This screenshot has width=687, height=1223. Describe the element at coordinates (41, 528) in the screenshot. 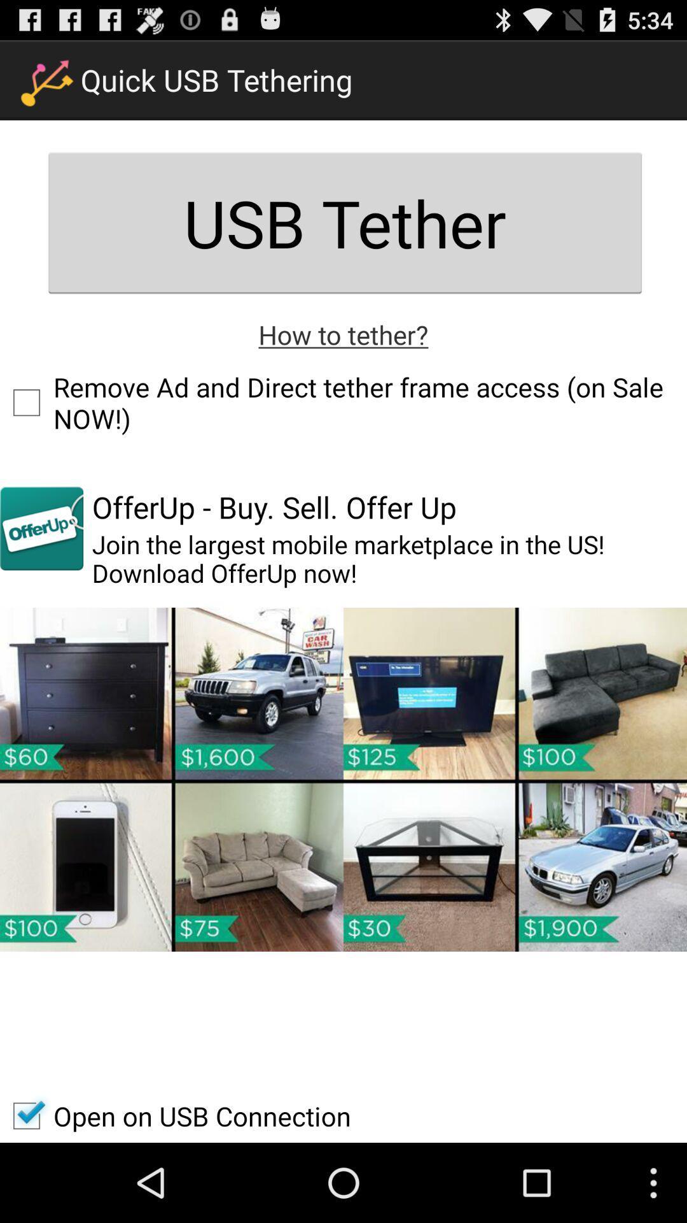

I see `icon on the left` at that location.